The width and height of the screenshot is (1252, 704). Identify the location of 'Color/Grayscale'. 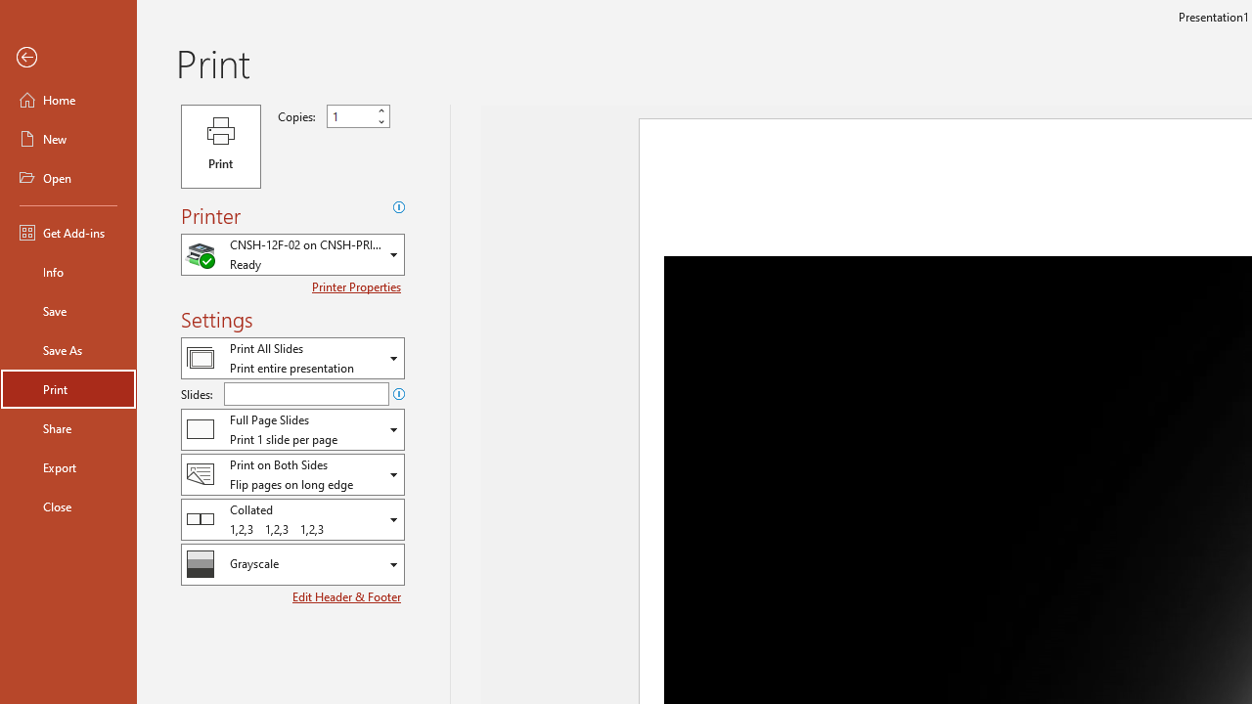
(291, 564).